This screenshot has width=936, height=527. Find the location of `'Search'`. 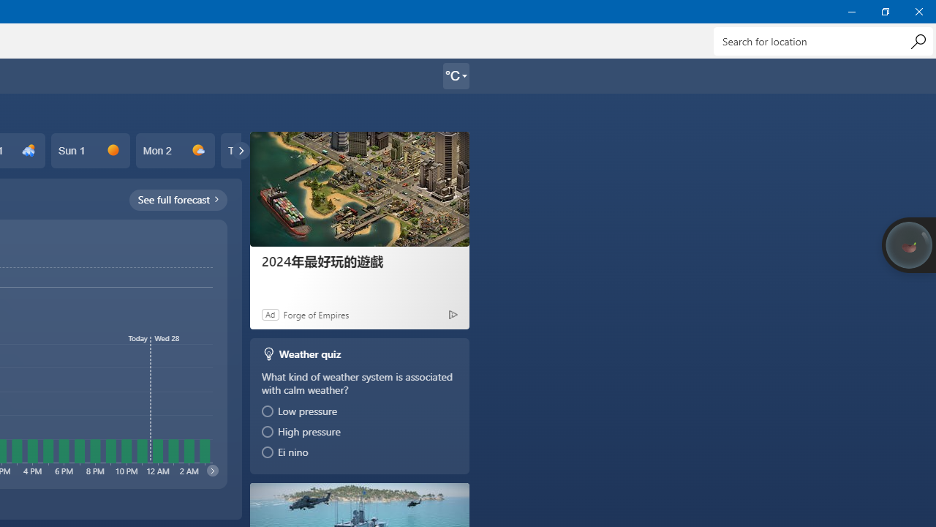

'Search' is located at coordinates (917, 40).